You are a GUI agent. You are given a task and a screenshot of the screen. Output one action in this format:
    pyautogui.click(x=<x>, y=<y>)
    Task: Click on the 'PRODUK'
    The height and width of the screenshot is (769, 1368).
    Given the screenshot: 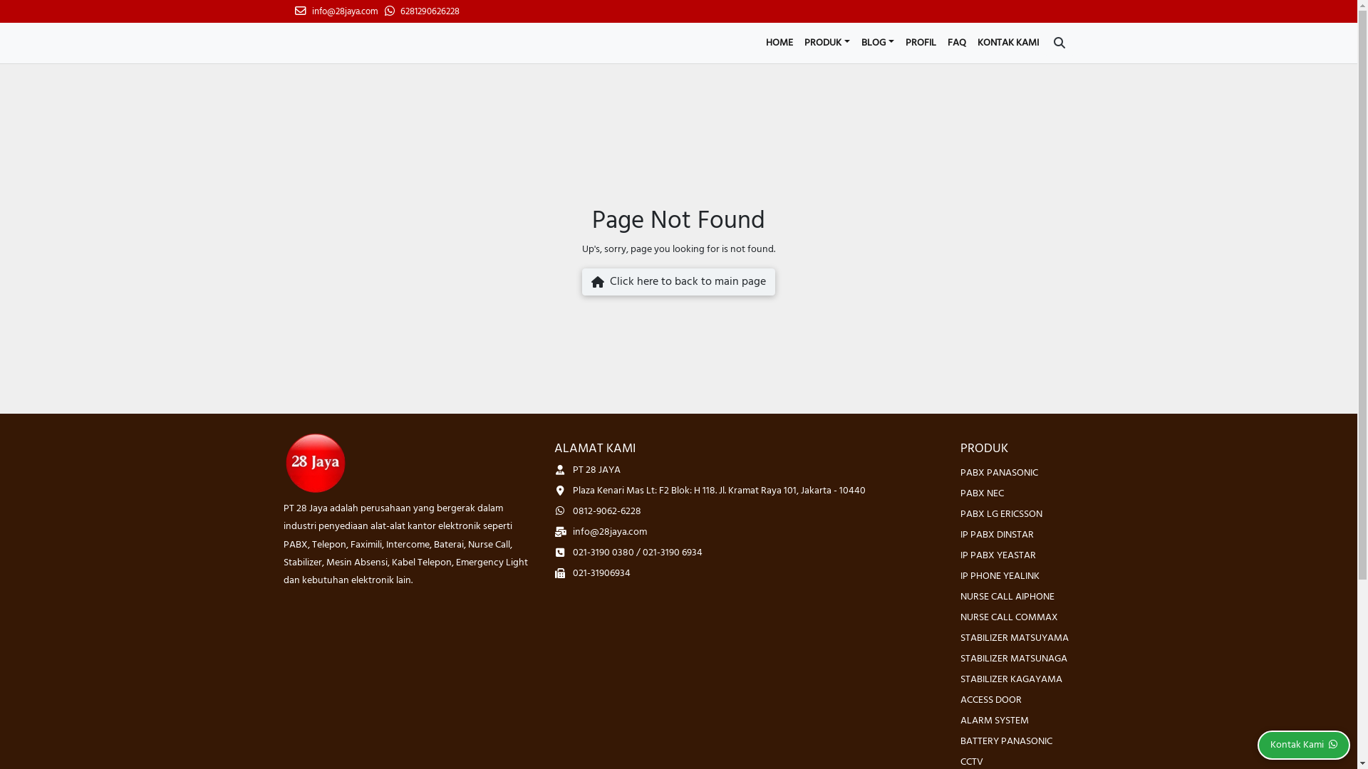 What is the action you would take?
    pyautogui.click(x=827, y=42)
    